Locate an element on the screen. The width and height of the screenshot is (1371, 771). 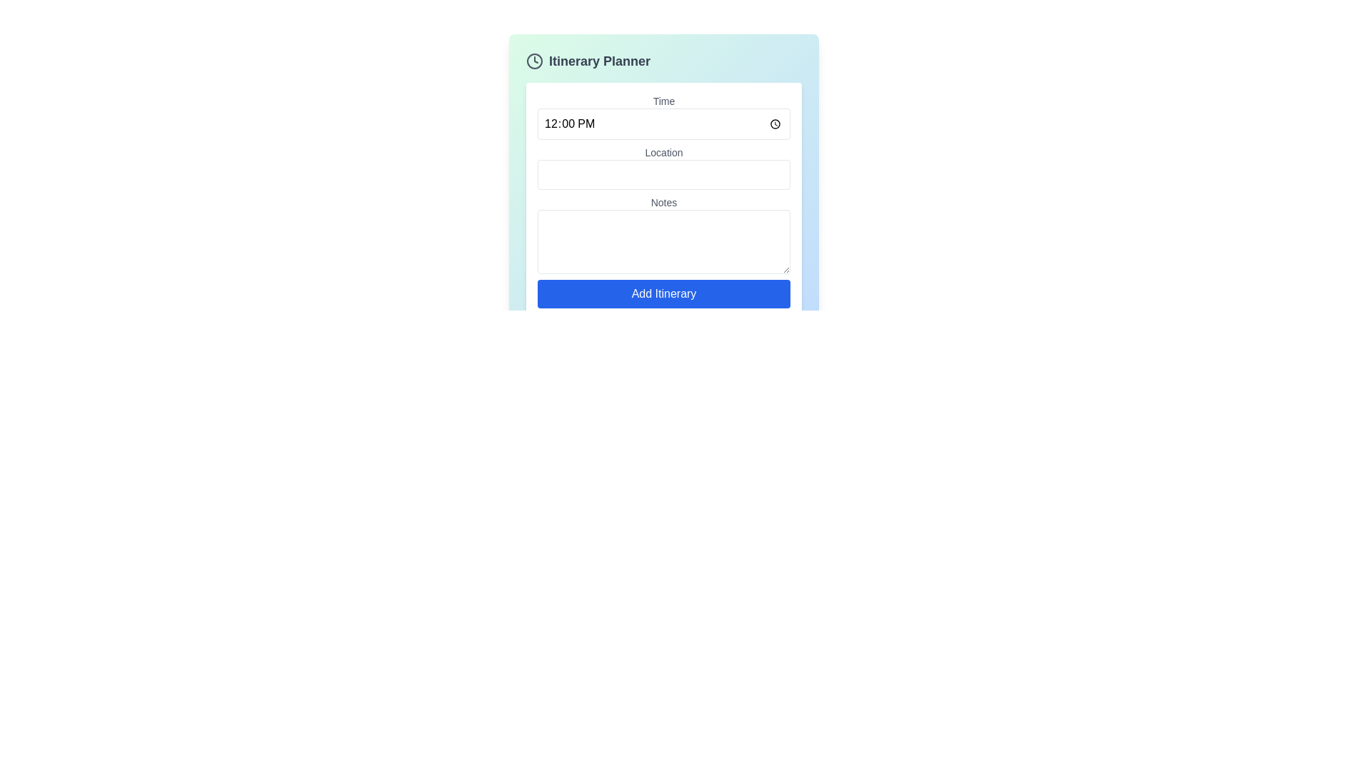
the 'Notes' label, which is a small gray text label positioned below the 'Location' label and above the notes input area, maintaining consistency with other labels in the interface is located at coordinates (663, 203).